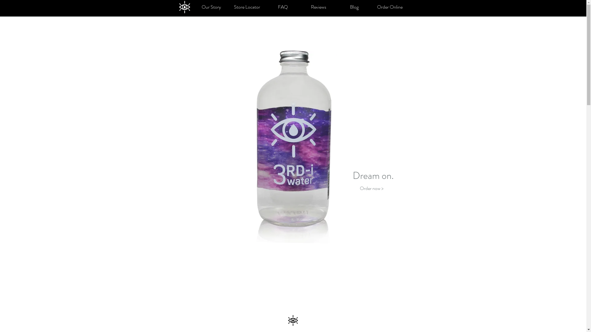 The height and width of the screenshot is (332, 591). What do you see at coordinates (371, 188) in the screenshot?
I see `'Order now >'` at bounding box center [371, 188].